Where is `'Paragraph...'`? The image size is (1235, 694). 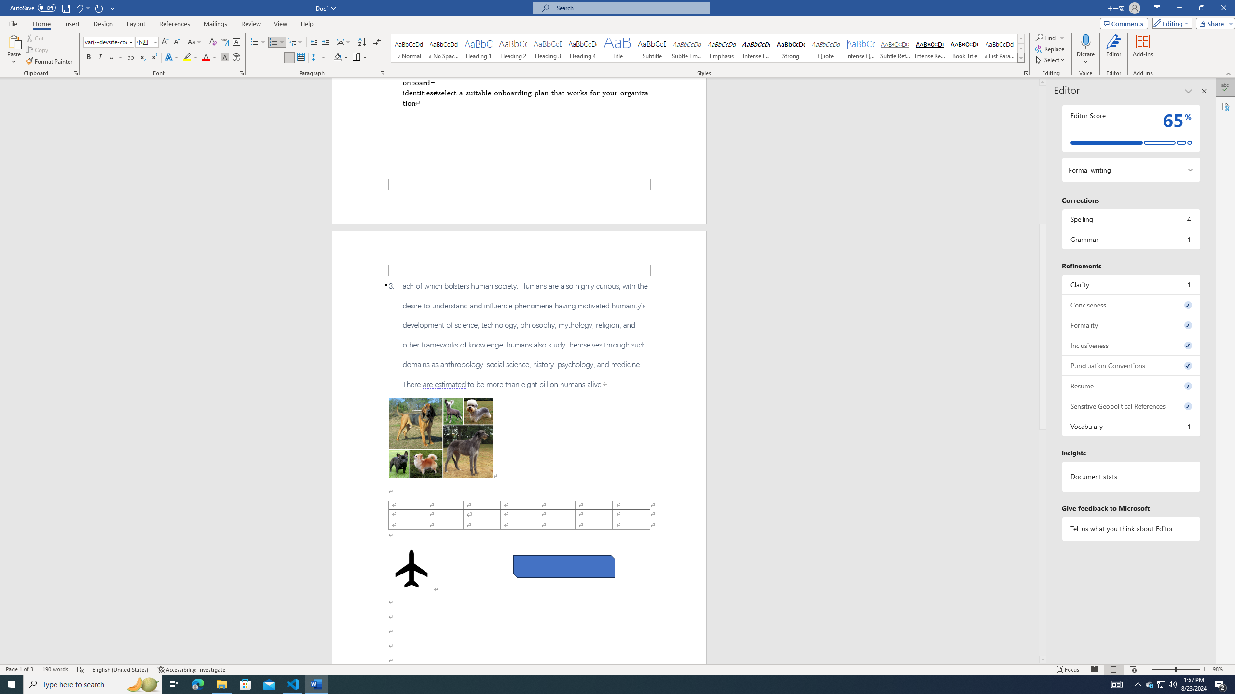
'Paragraph...' is located at coordinates (382, 72).